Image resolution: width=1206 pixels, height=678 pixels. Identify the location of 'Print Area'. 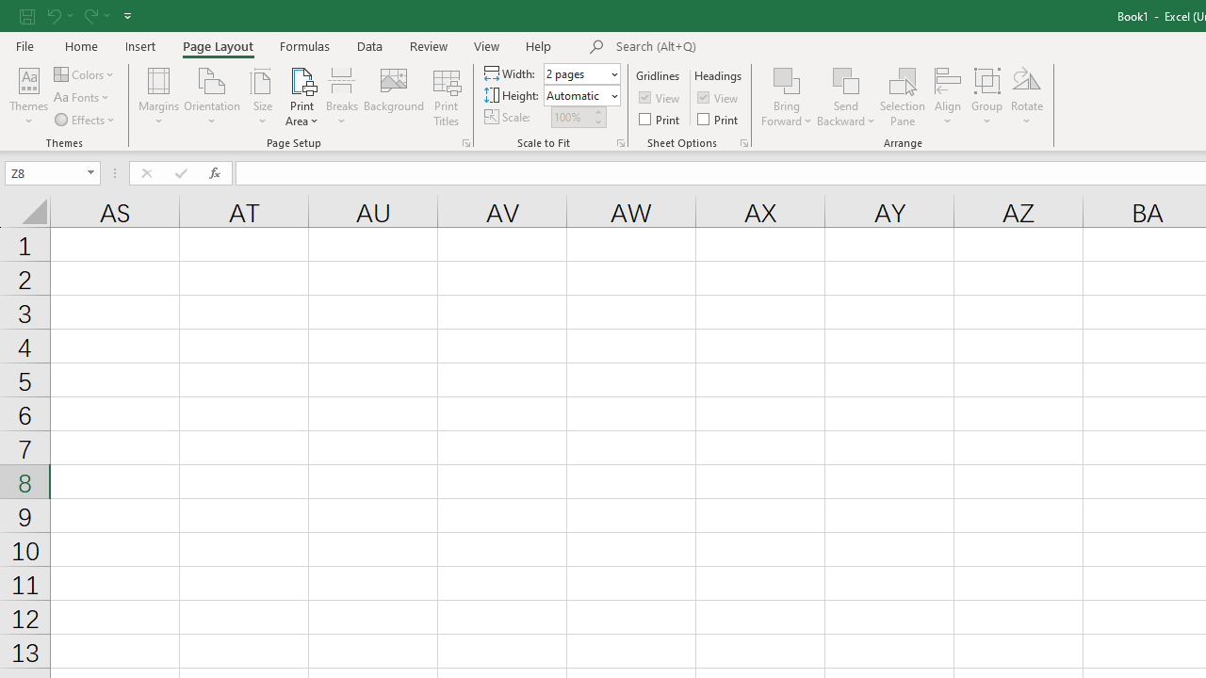
(301, 97).